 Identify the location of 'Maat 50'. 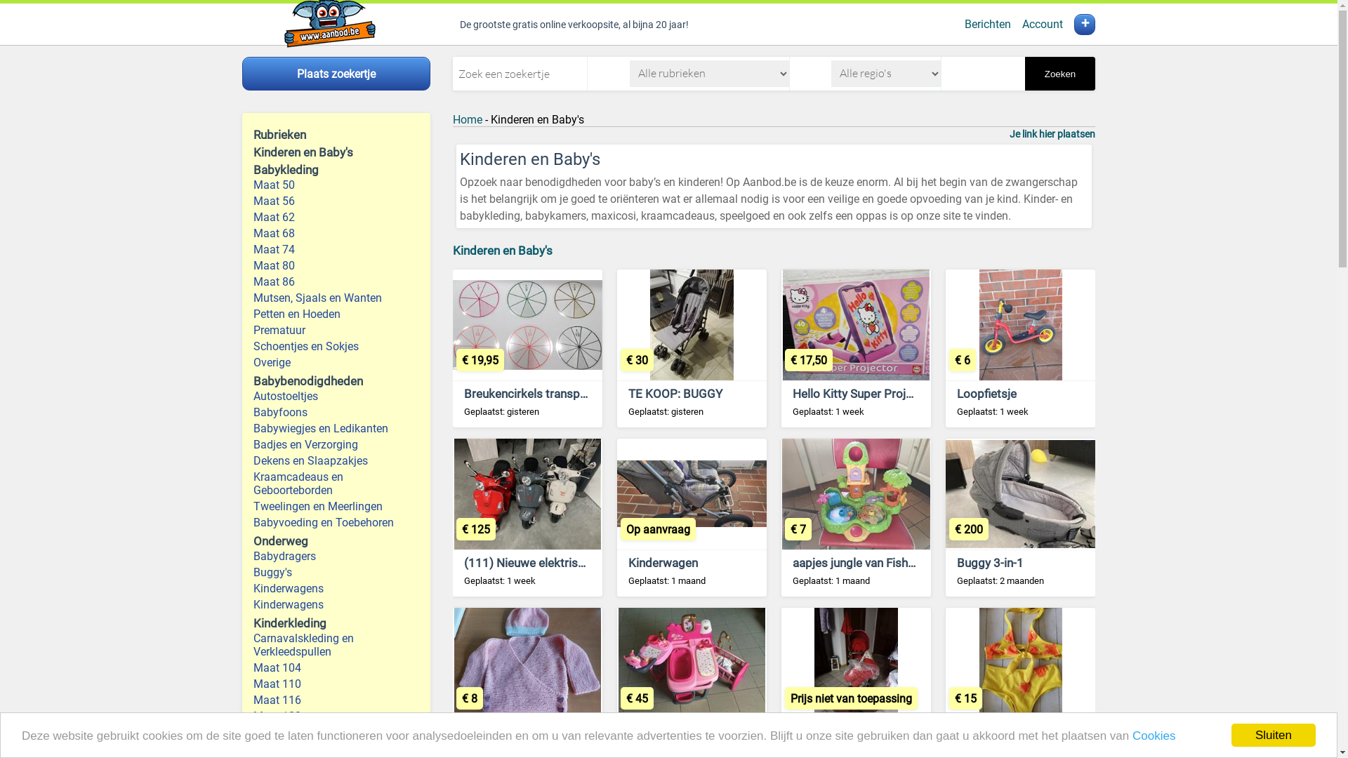
(336, 184).